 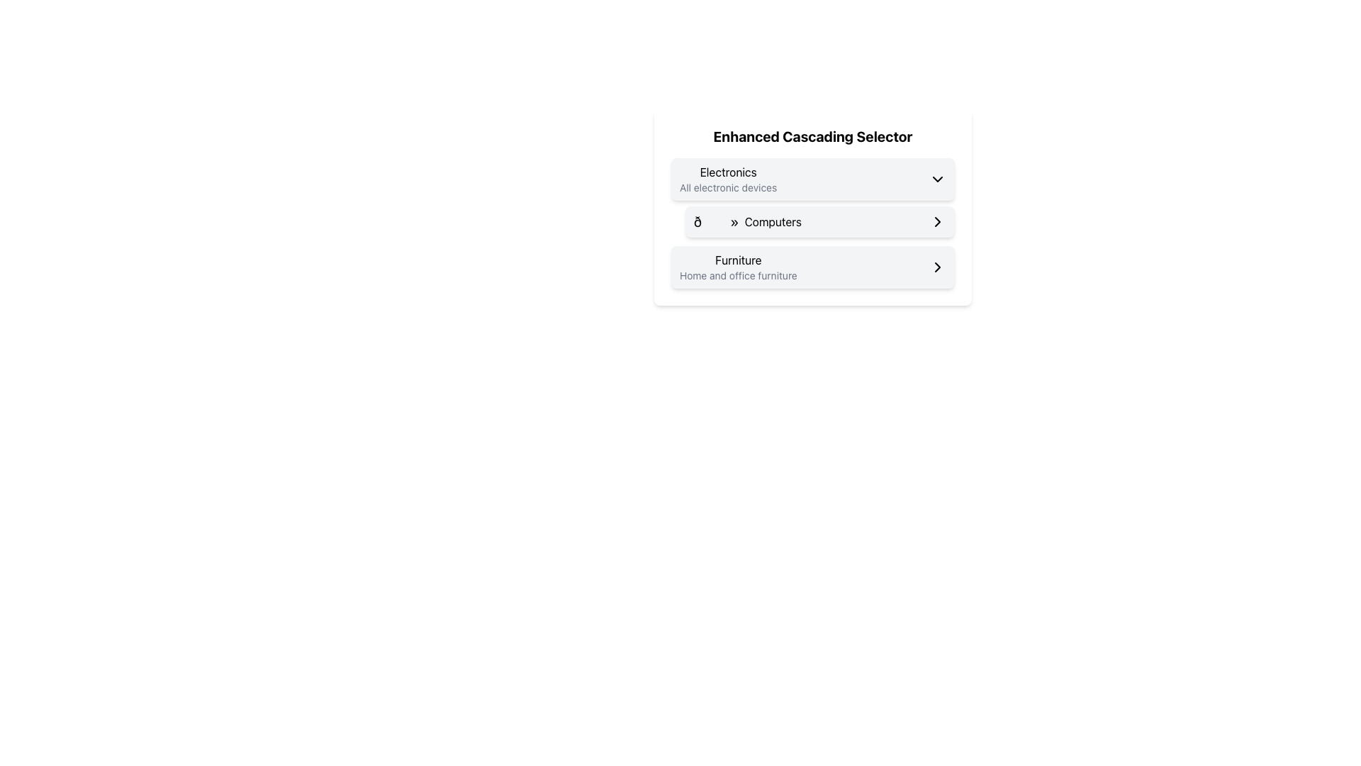 What do you see at coordinates (737, 260) in the screenshot?
I see `the Text label indicating the category for furniture-related items within the Enhanced Cascading Selector, positioned below 'Computers' and above 'Home and office furniture'` at bounding box center [737, 260].